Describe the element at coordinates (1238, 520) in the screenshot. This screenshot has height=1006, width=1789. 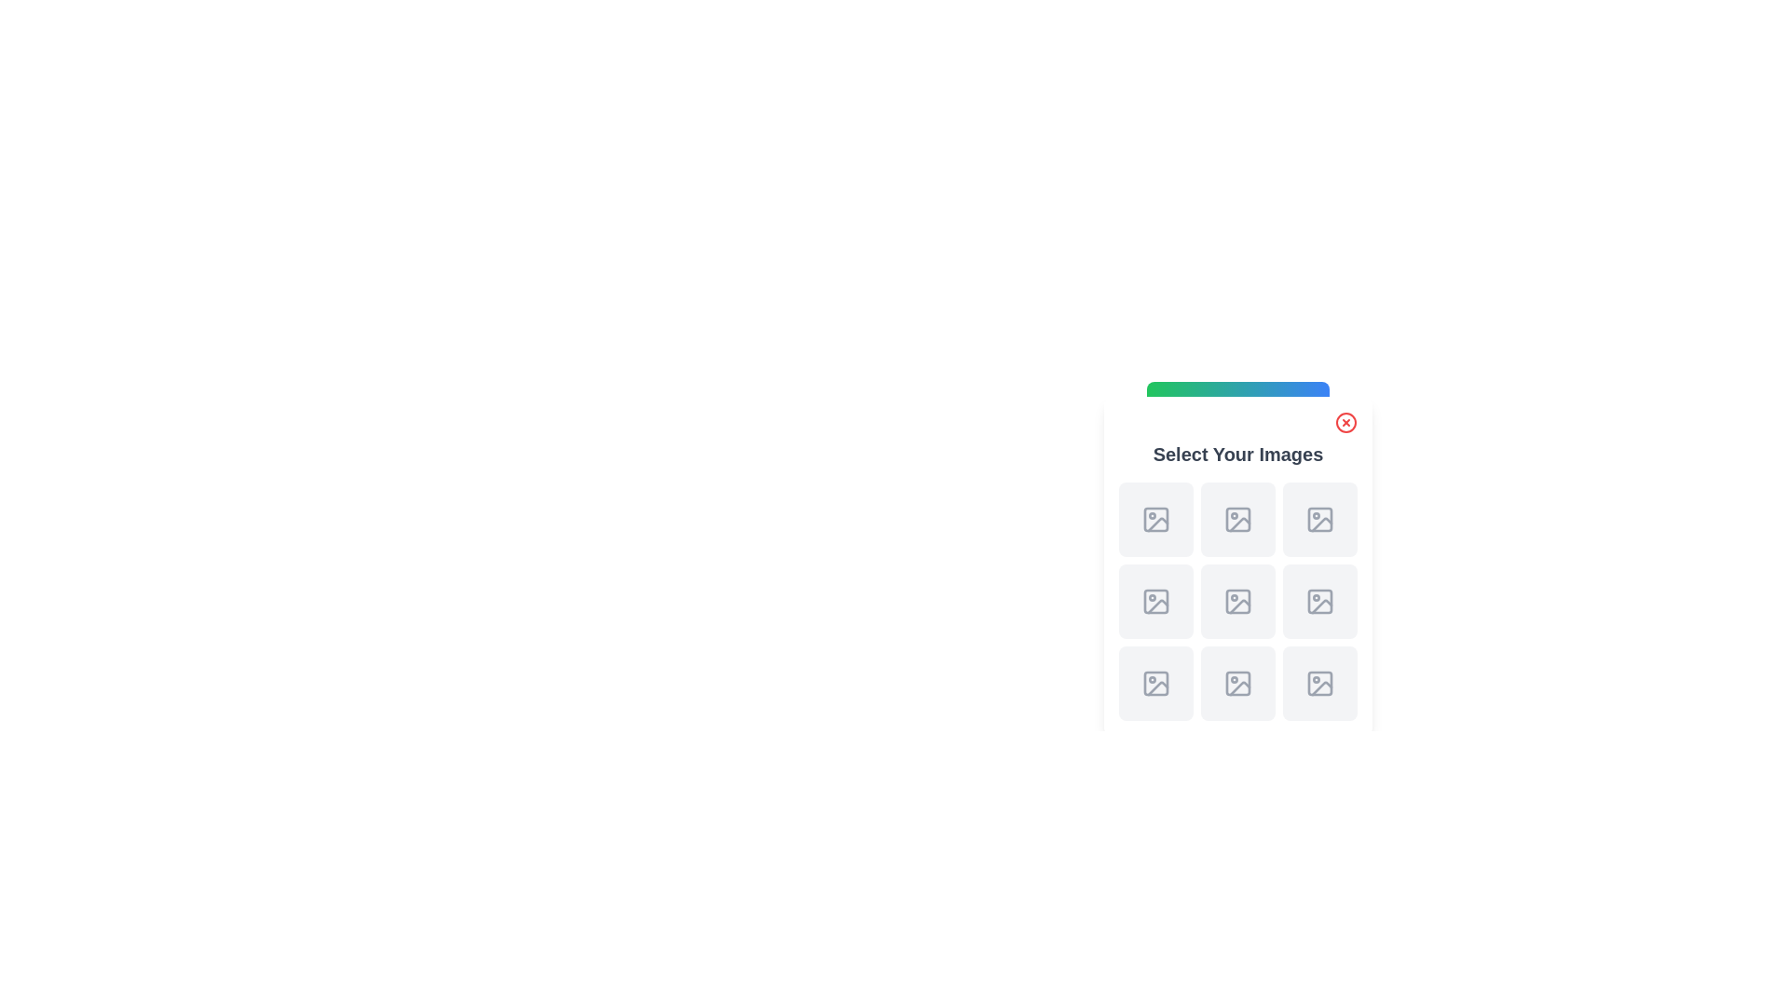
I see `the square-shaped button with a light gray background and an image placeholder icon, located in the middle column of the first row within the 'Select Your Images' panel` at that location.